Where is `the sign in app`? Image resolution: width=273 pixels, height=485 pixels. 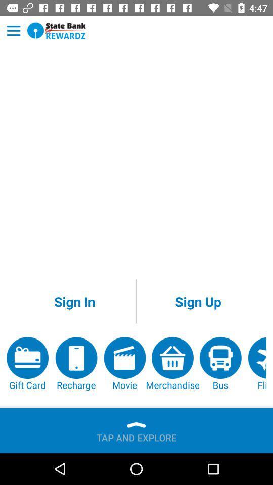
the sign in app is located at coordinates (74, 301).